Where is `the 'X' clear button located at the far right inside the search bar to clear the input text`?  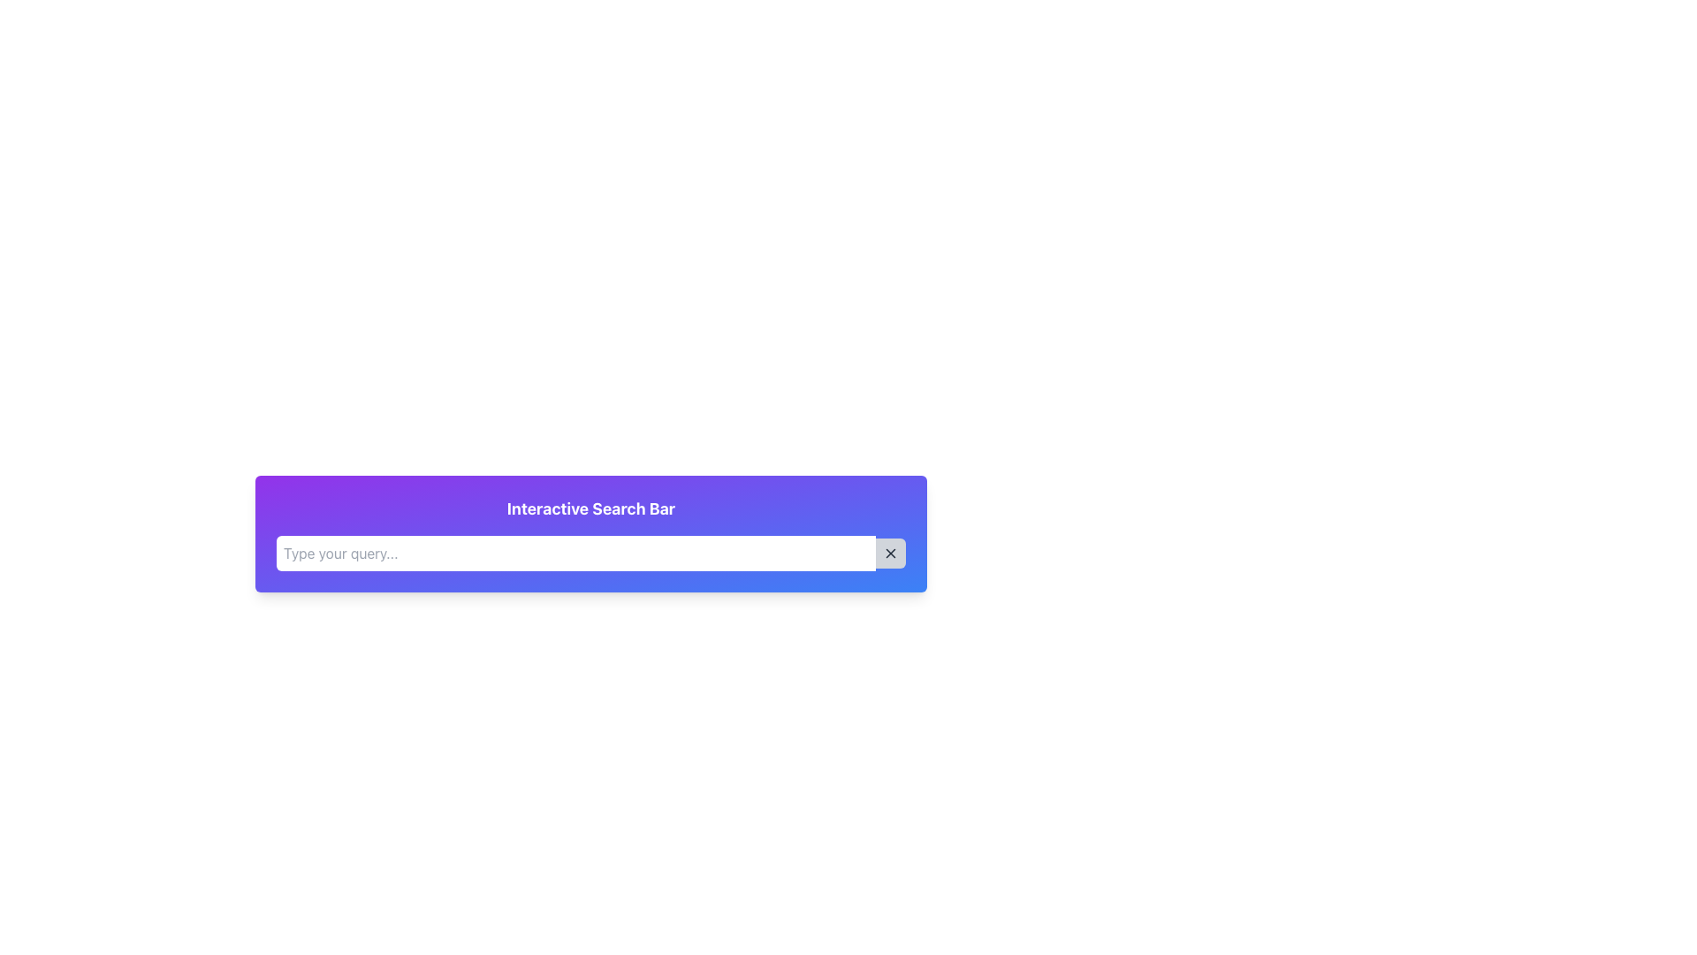
the 'X' clear button located at the far right inside the search bar to clear the input text is located at coordinates (891, 552).